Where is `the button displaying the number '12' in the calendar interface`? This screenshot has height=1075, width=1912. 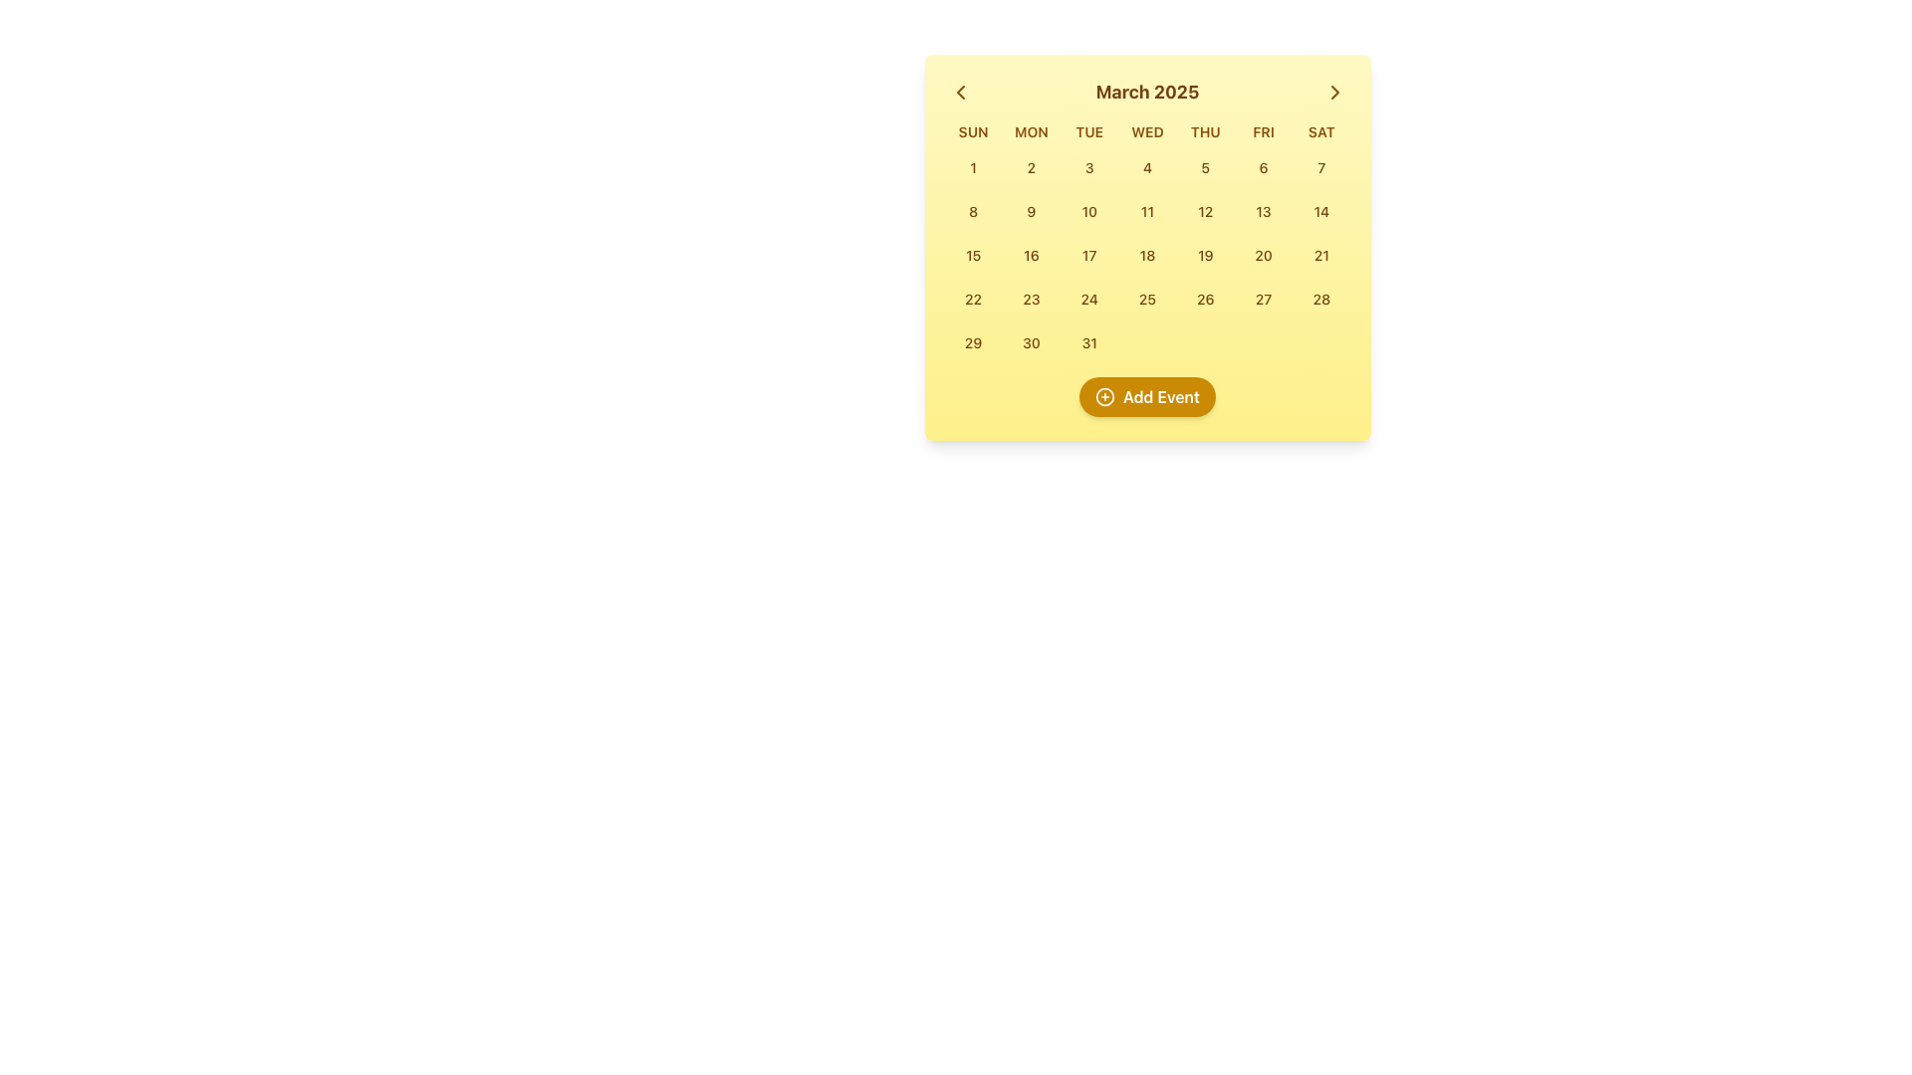 the button displaying the number '12' in the calendar interface is located at coordinates (1204, 211).